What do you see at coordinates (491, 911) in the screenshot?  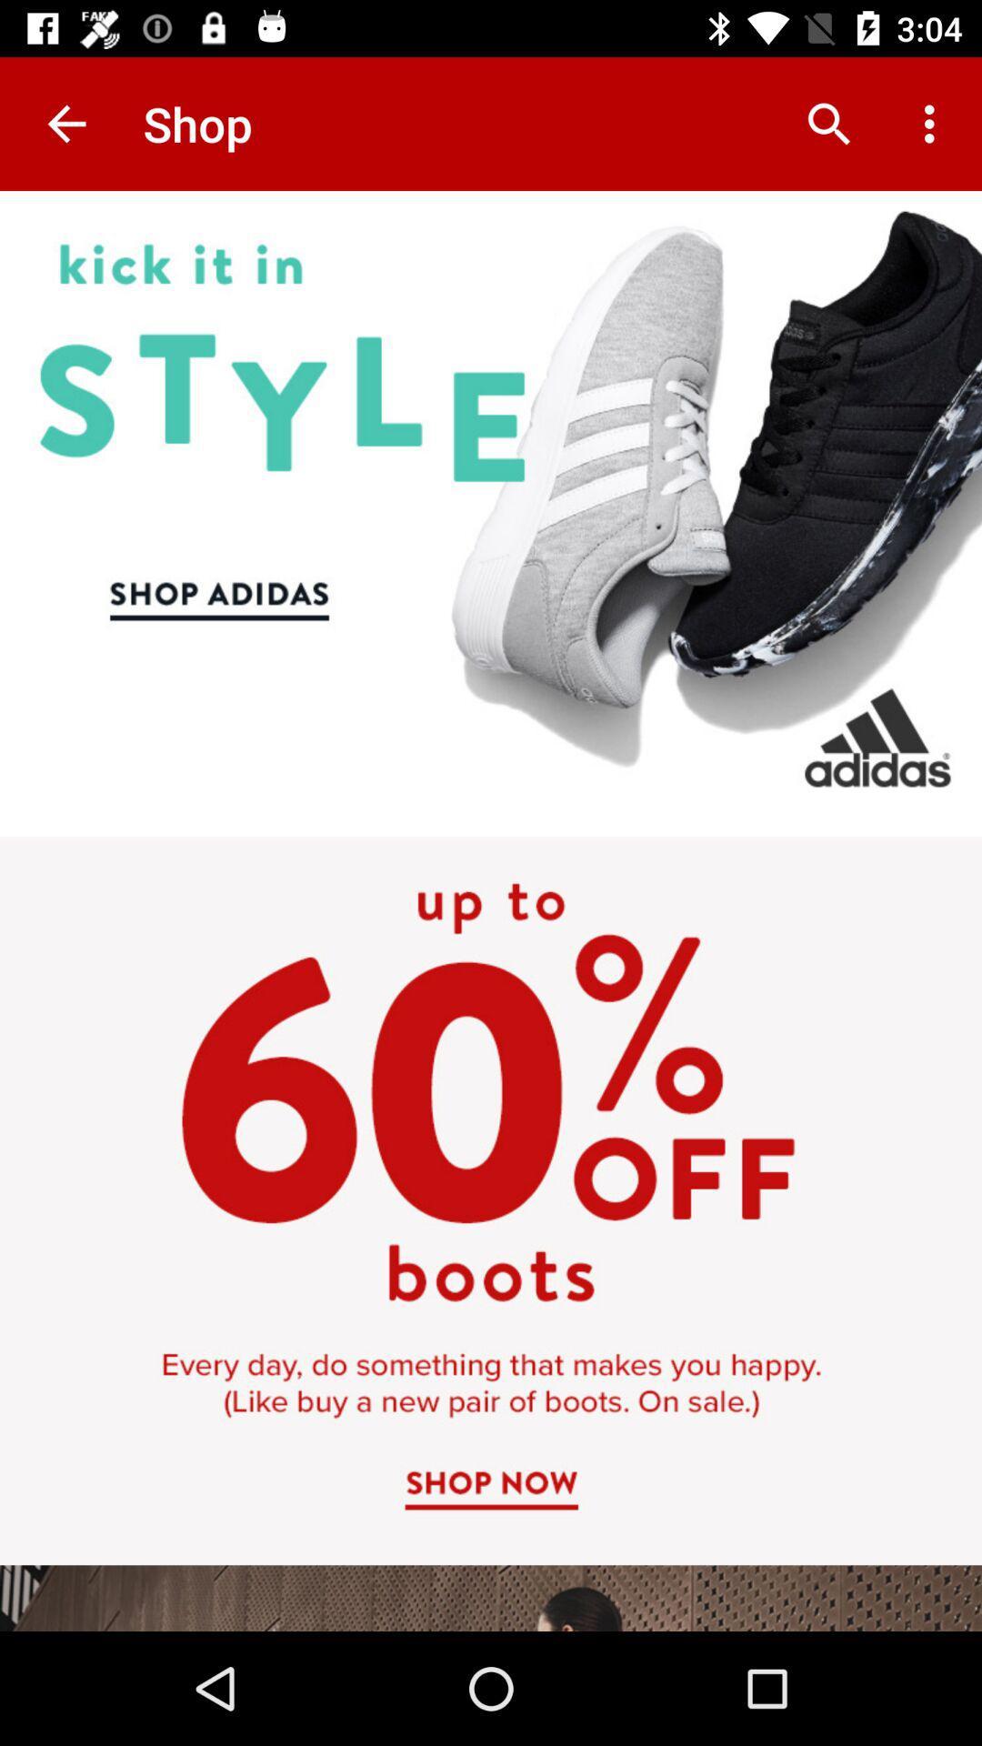 I see `advertisement area` at bounding box center [491, 911].